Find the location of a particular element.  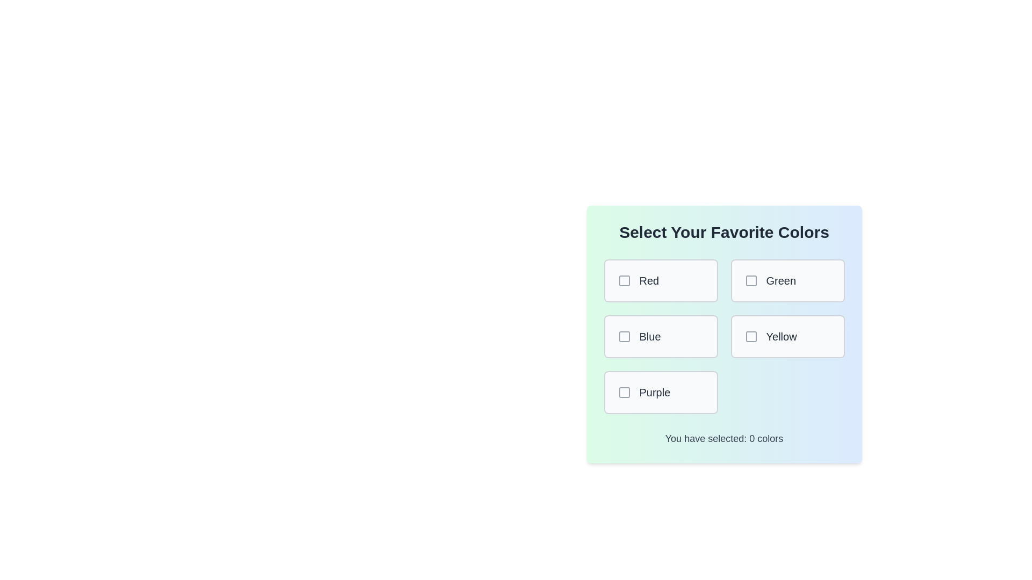

the color box labeled Red is located at coordinates (660, 280).